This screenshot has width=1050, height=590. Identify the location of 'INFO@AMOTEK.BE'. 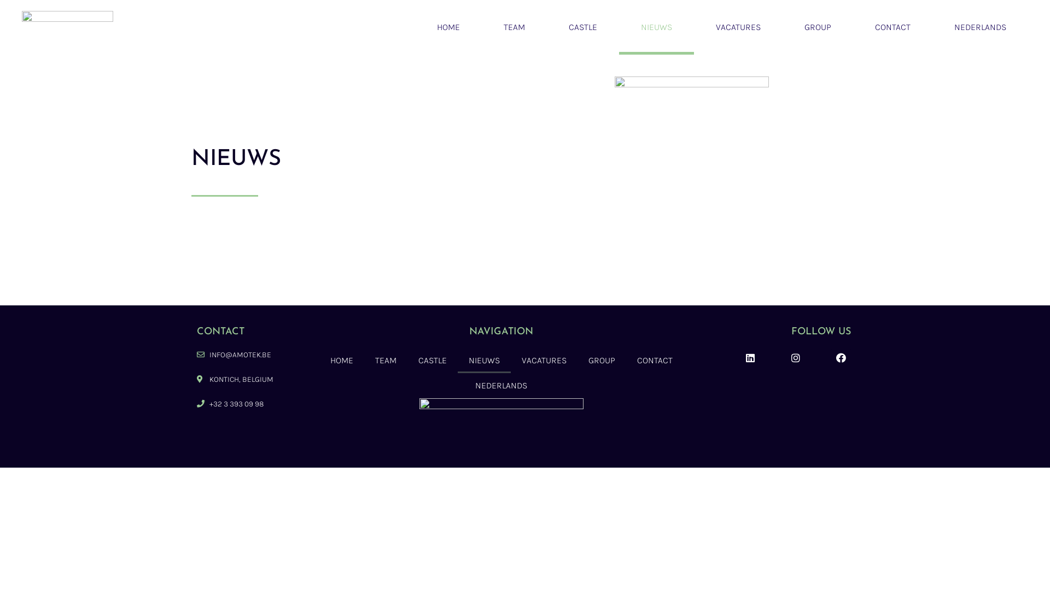
(248, 355).